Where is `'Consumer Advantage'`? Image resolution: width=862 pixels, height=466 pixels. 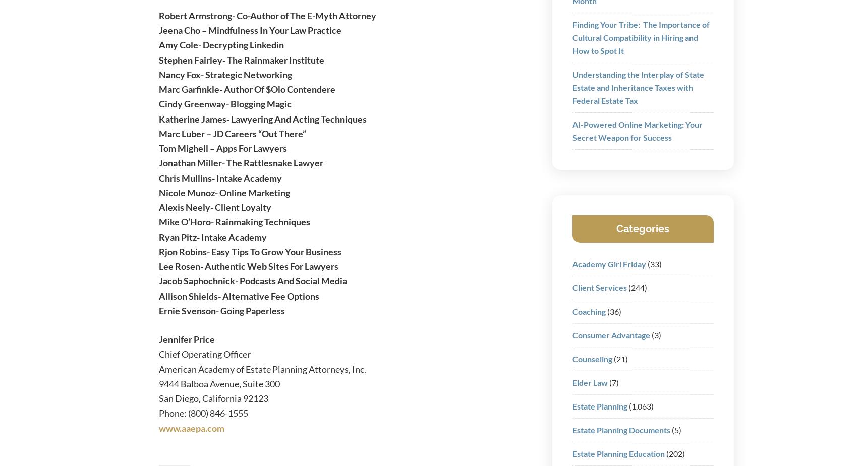
'Consumer Advantage' is located at coordinates (571, 334).